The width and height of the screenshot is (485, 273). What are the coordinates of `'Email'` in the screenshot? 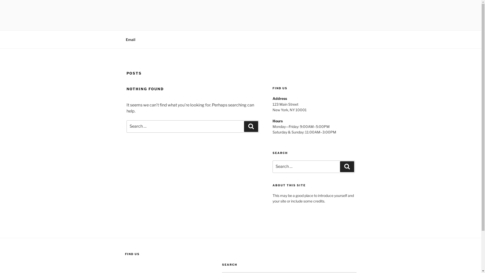 It's located at (130, 39).